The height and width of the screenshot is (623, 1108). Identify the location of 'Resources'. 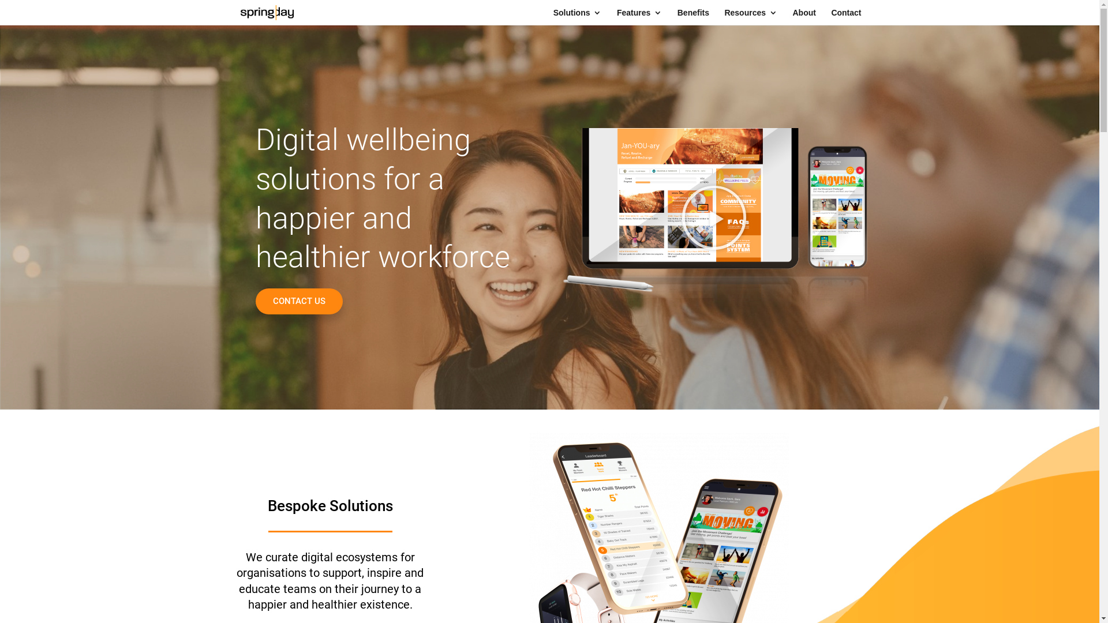
(750, 17).